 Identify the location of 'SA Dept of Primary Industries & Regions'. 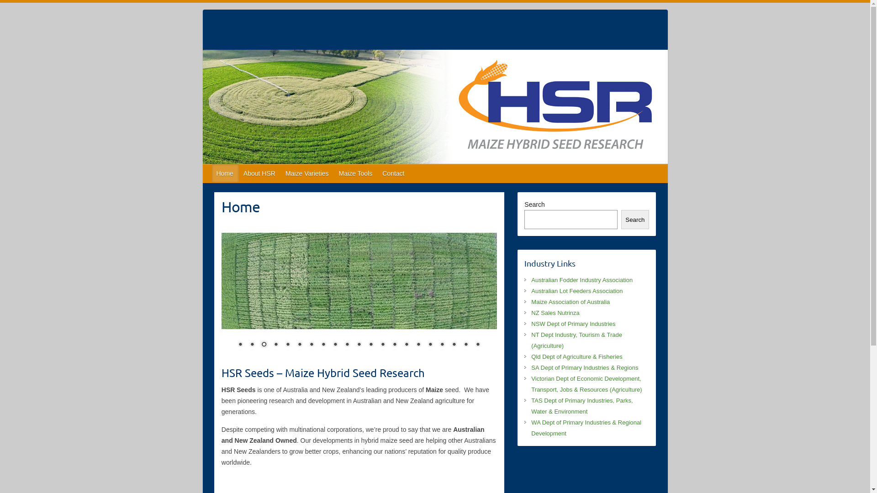
(585, 367).